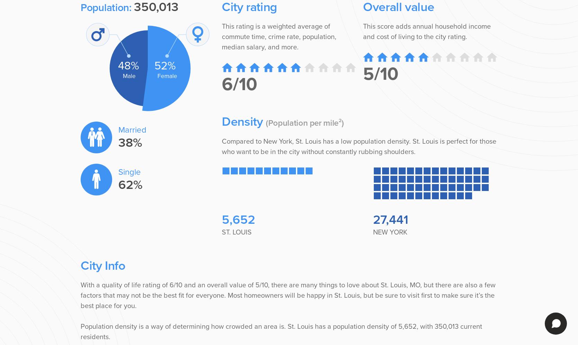 The width and height of the screenshot is (578, 345). I want to click on '5,652', so click(238, 219).